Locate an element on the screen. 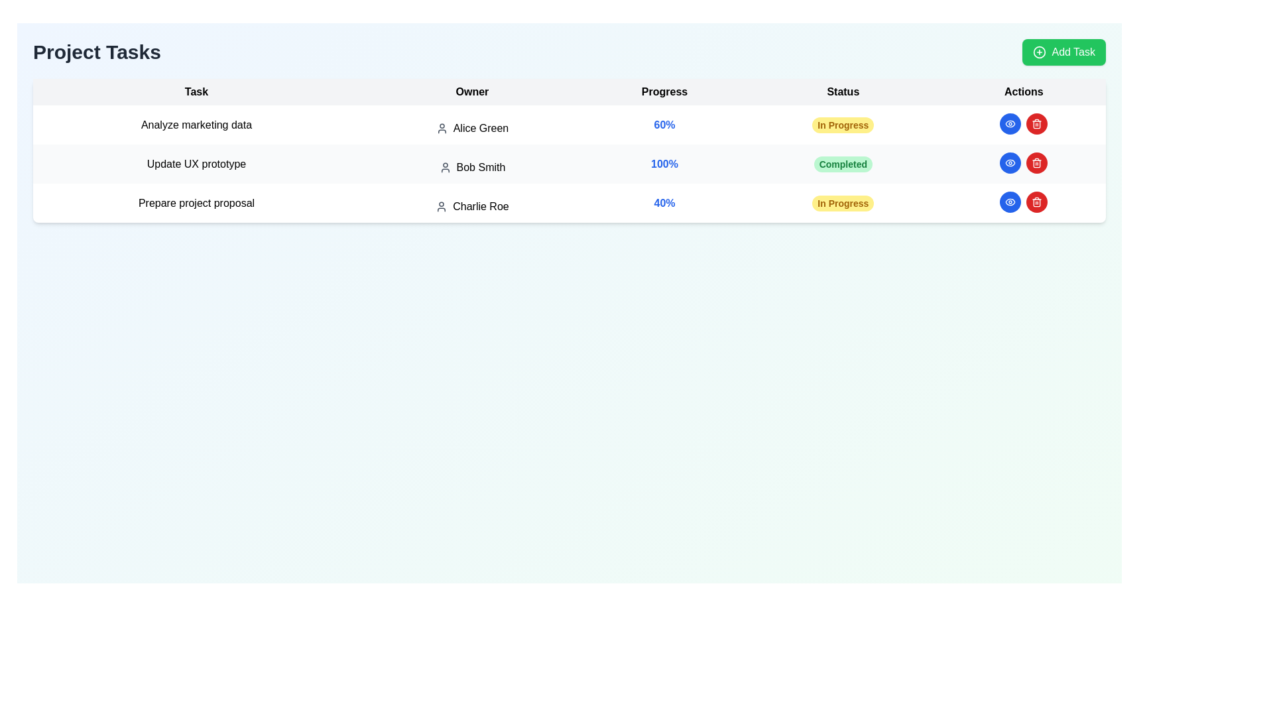 The width and height of the screenshot is (1273, 716). the delete icon located in the last column of the Actions section for the task named 'Prepare project proposal', which is represented by a red button with a trash bin icon is located at coordinates (1036, 125).